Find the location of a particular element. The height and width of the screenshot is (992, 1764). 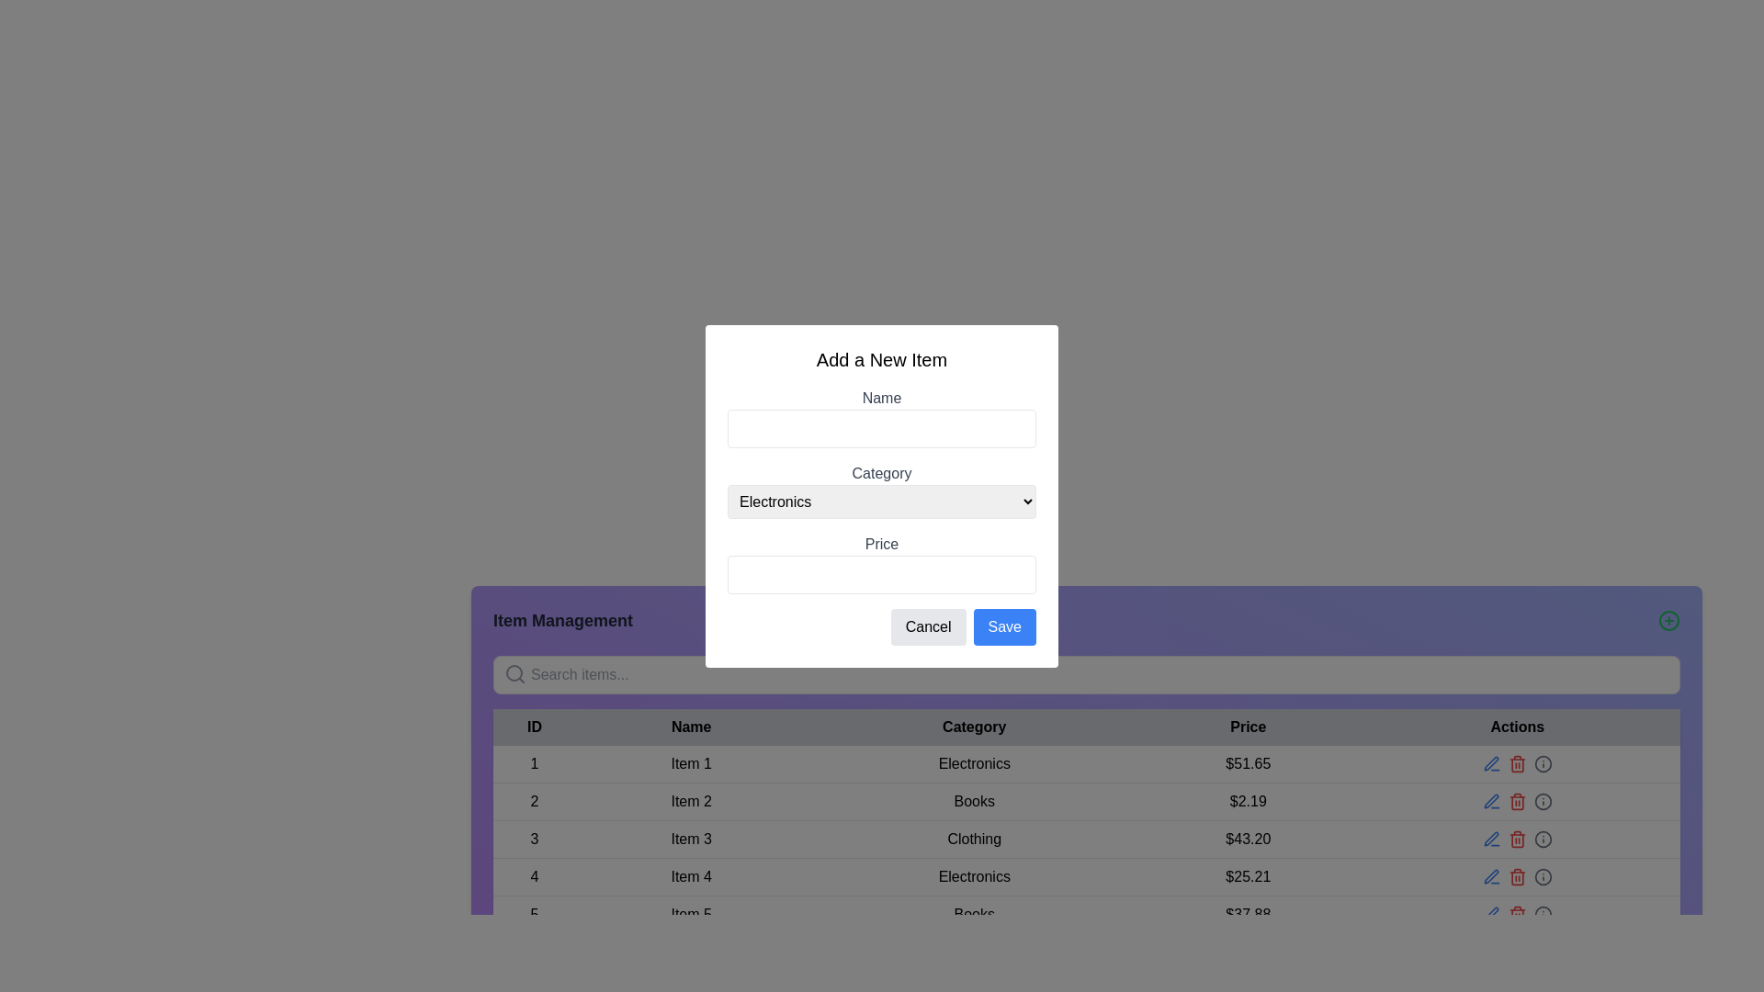

the circular component of the magnifying glass icon located at the far left end inside the search text input field in the 'Item Management' section is located at coordinates (514, 672).